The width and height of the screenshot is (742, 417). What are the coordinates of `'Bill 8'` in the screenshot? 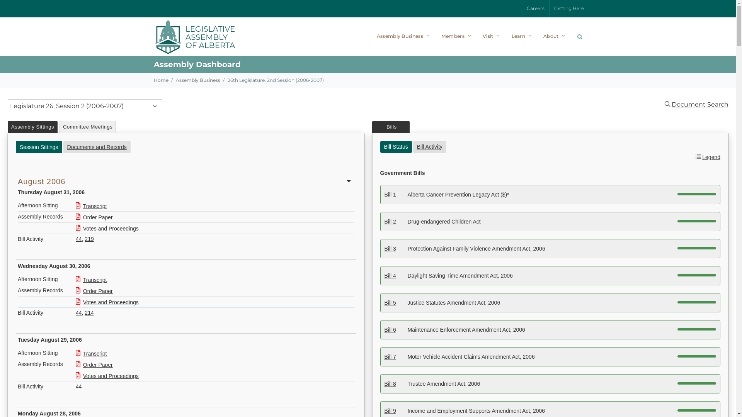 It's located at (390, 384).